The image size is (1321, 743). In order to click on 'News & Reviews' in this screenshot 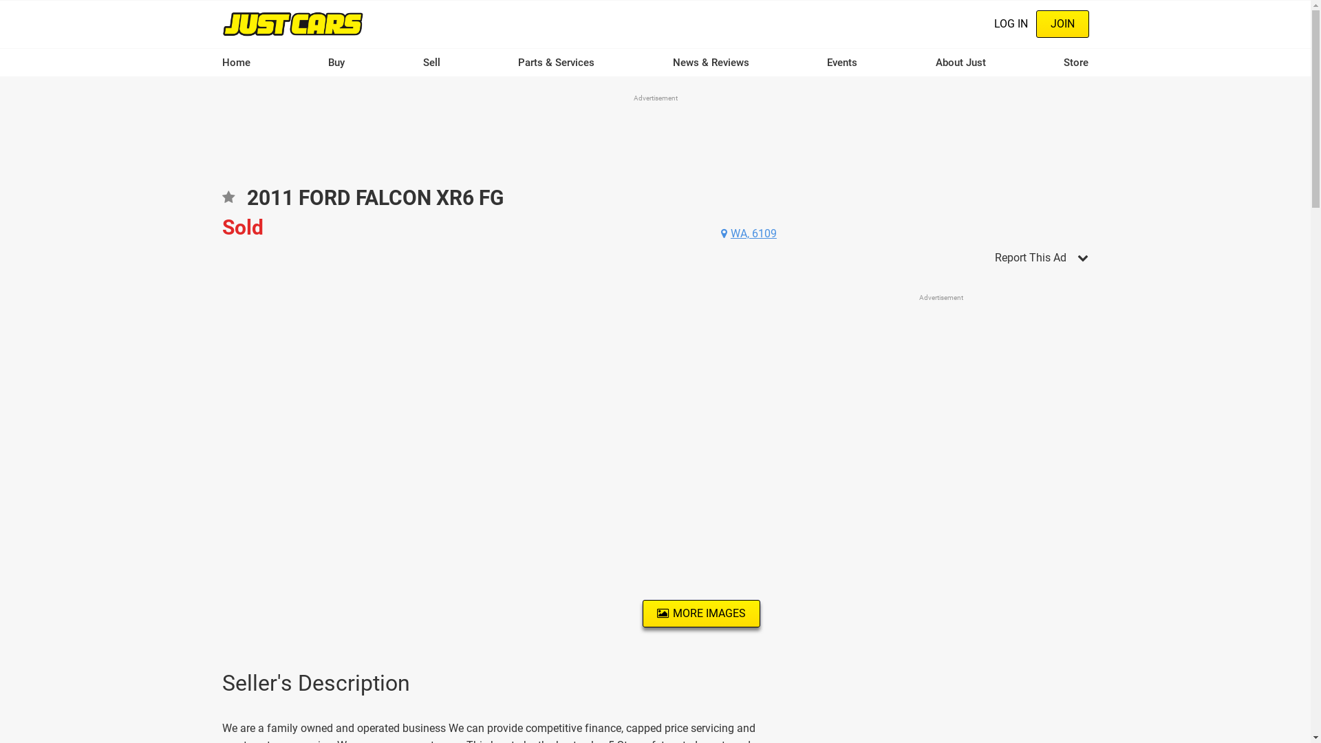, I will do `click(673, 63)`.